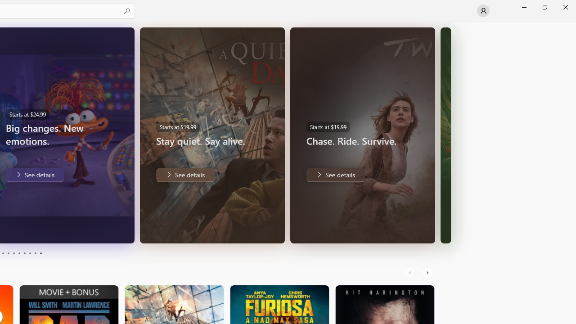 This screenshot has width=576, height=324. Describe the element at coordinates (2, 253) in the screenshot. I see `'Page 3'` at that location.